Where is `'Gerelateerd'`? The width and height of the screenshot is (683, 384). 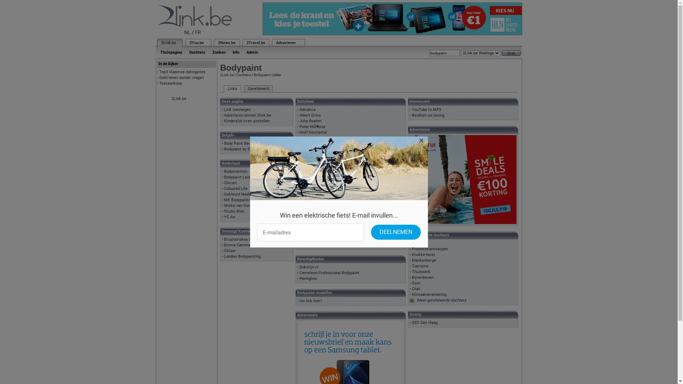 'Gerelateerd' is located at coordinates (258, 89).